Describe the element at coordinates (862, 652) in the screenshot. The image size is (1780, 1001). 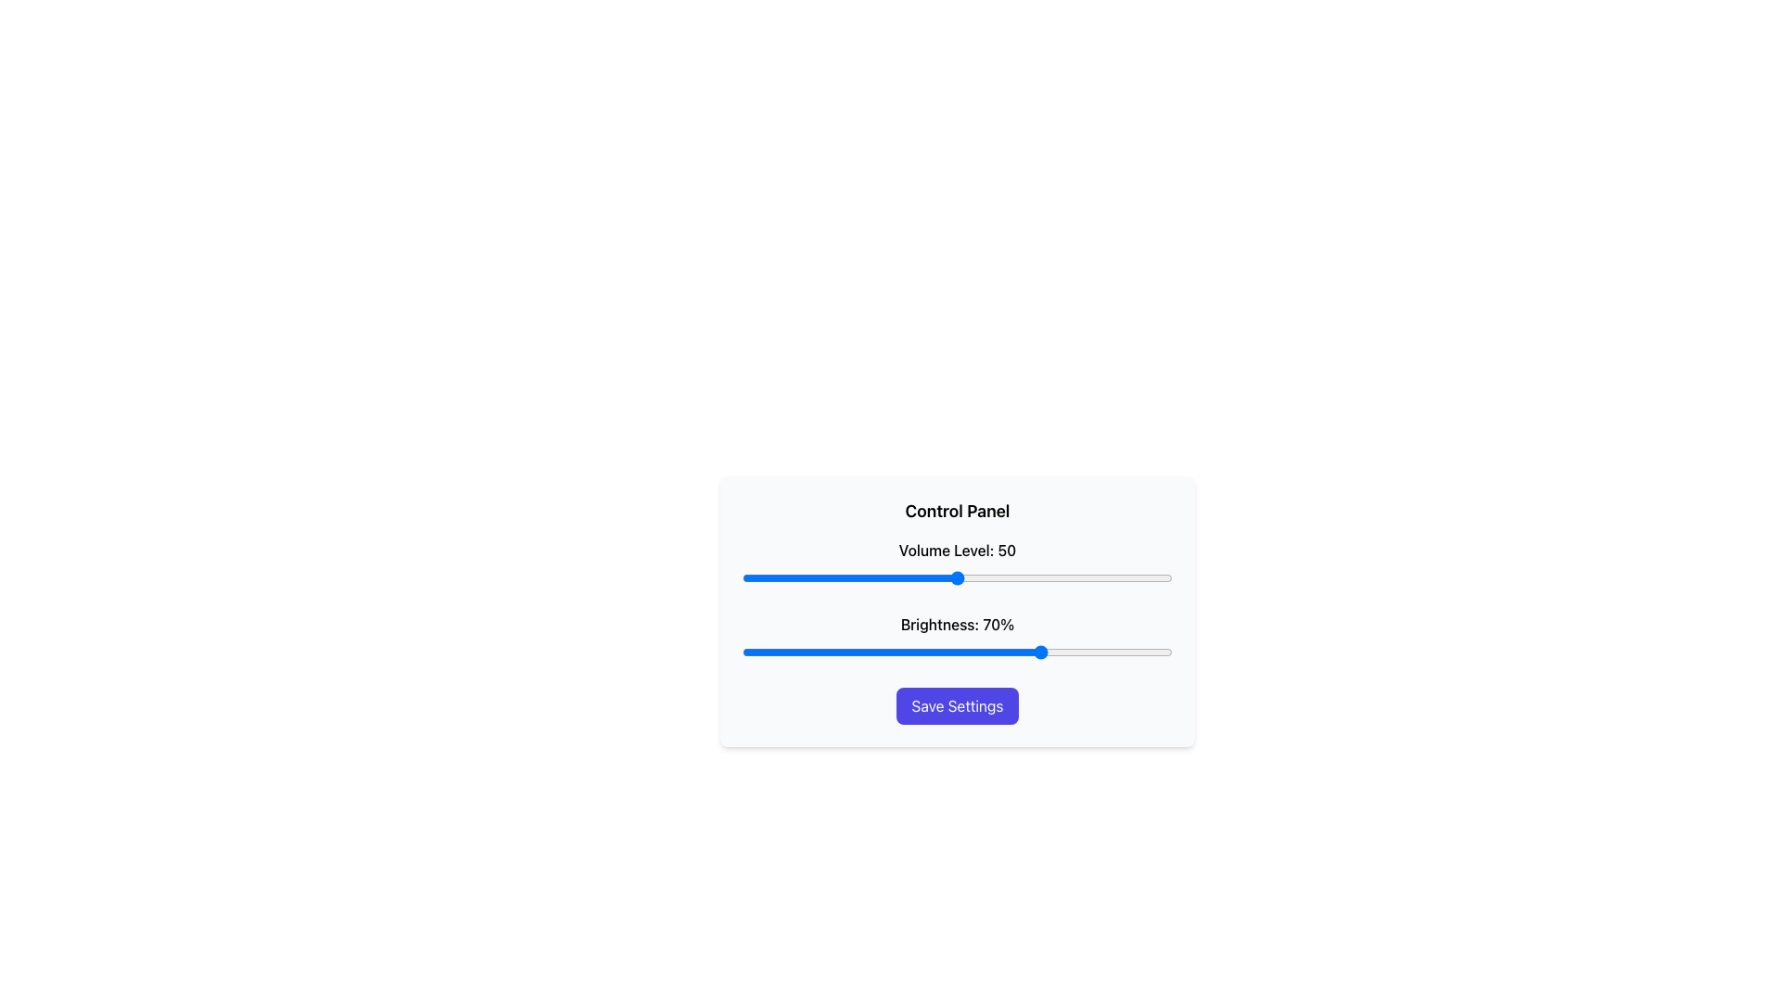
I see `brightness level` at that location.